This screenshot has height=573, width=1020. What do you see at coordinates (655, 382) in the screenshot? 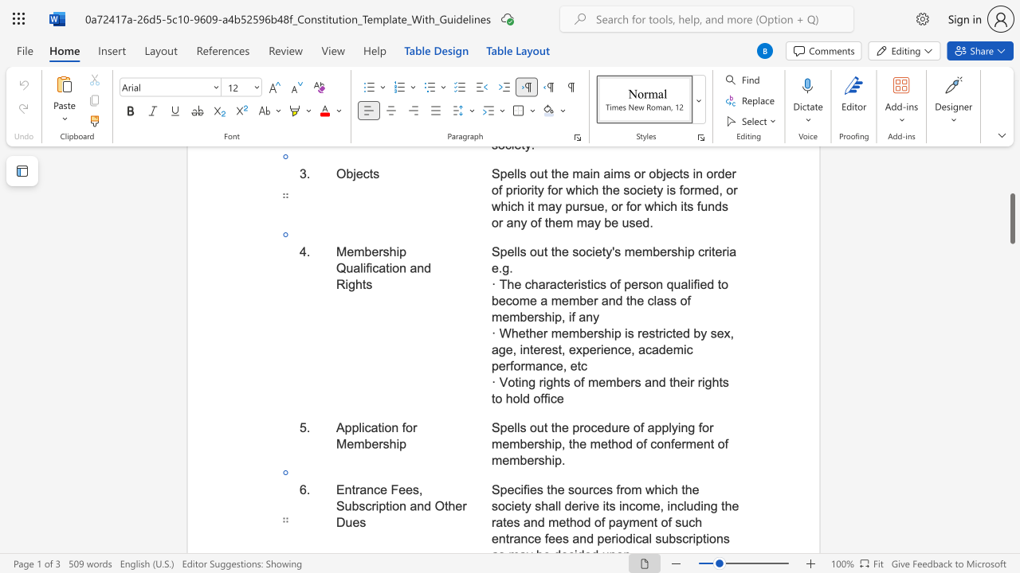
I see `the 2th character "n" in the text` at bounding box center [655, 382].